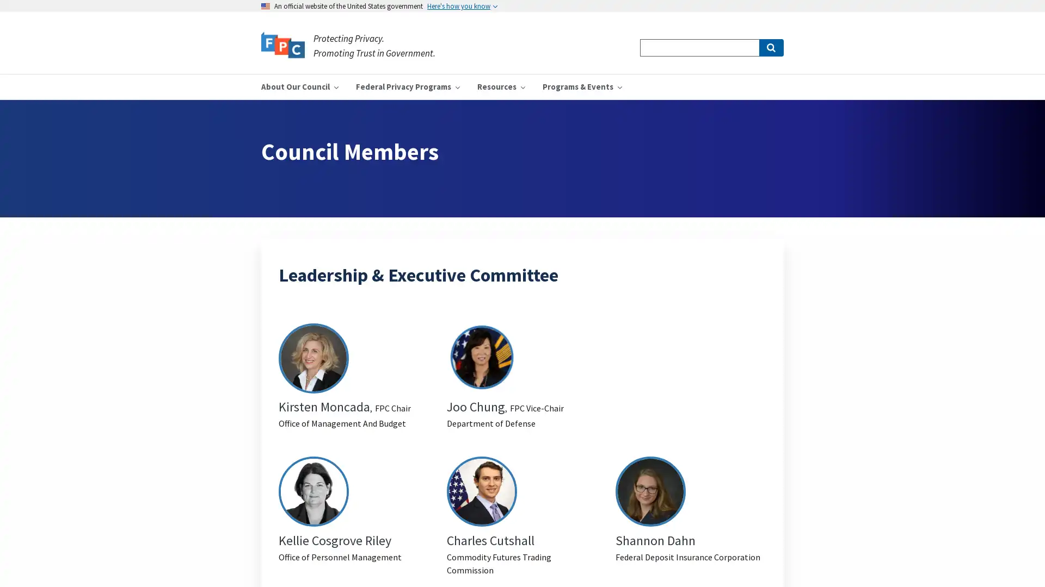 Image resolution: width=1045 pixels, height=587 pixels. What do you see at coordinates (501, 86) in the screenshot?
I see `Resources` at bounding box center [501, 86].